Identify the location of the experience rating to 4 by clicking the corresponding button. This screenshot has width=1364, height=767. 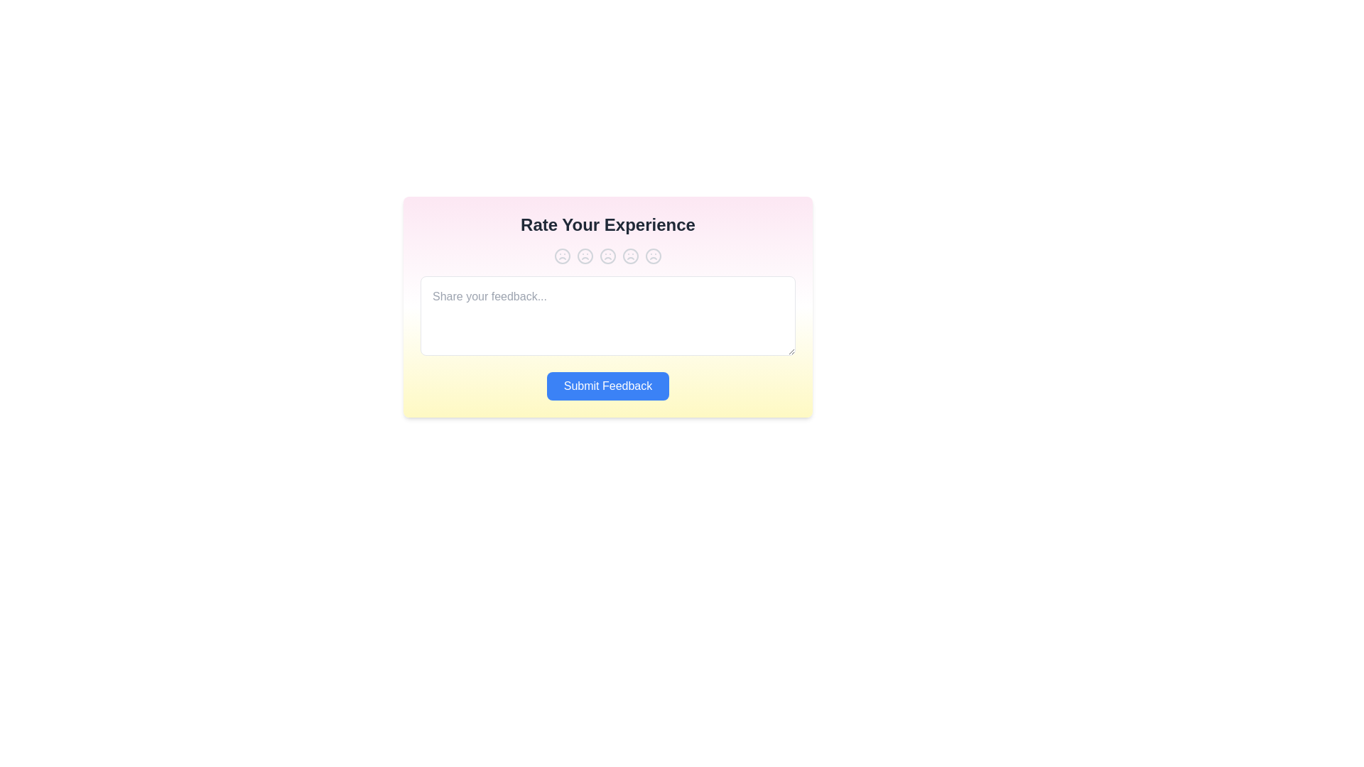
(630, 256).